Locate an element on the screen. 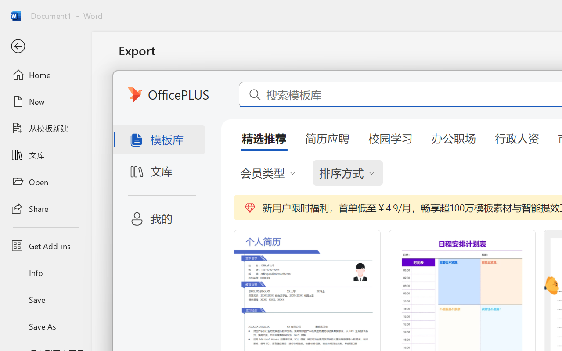  'Get Add-ins' is located at coordinates (45, 246).